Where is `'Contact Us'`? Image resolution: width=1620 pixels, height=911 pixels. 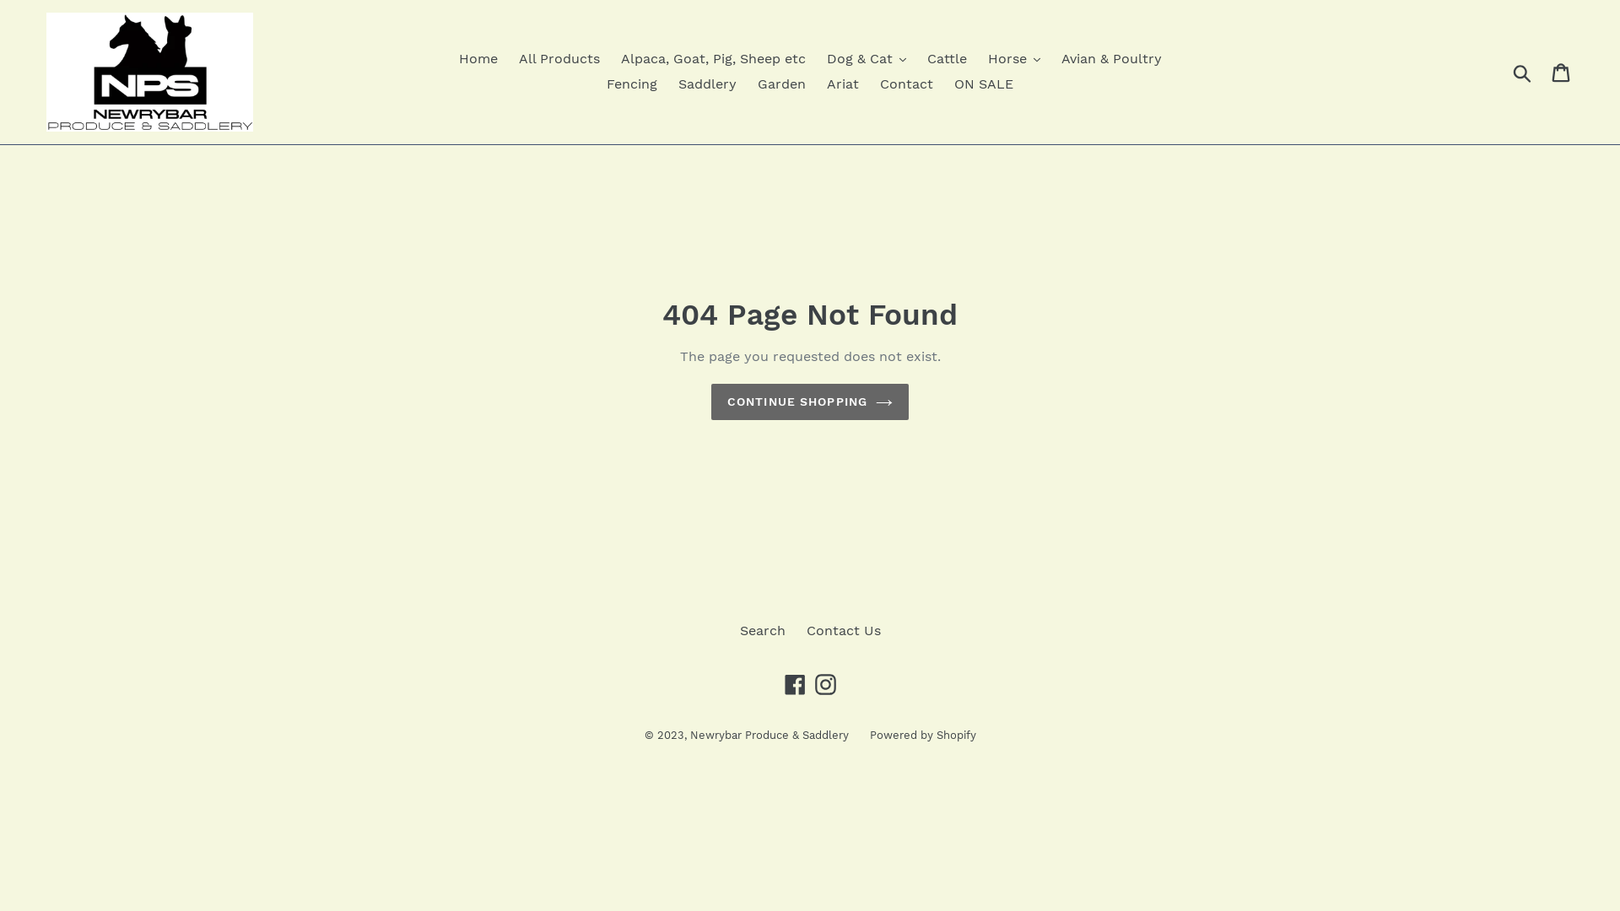 'Contact Us' is located at coordinates (843, 630).